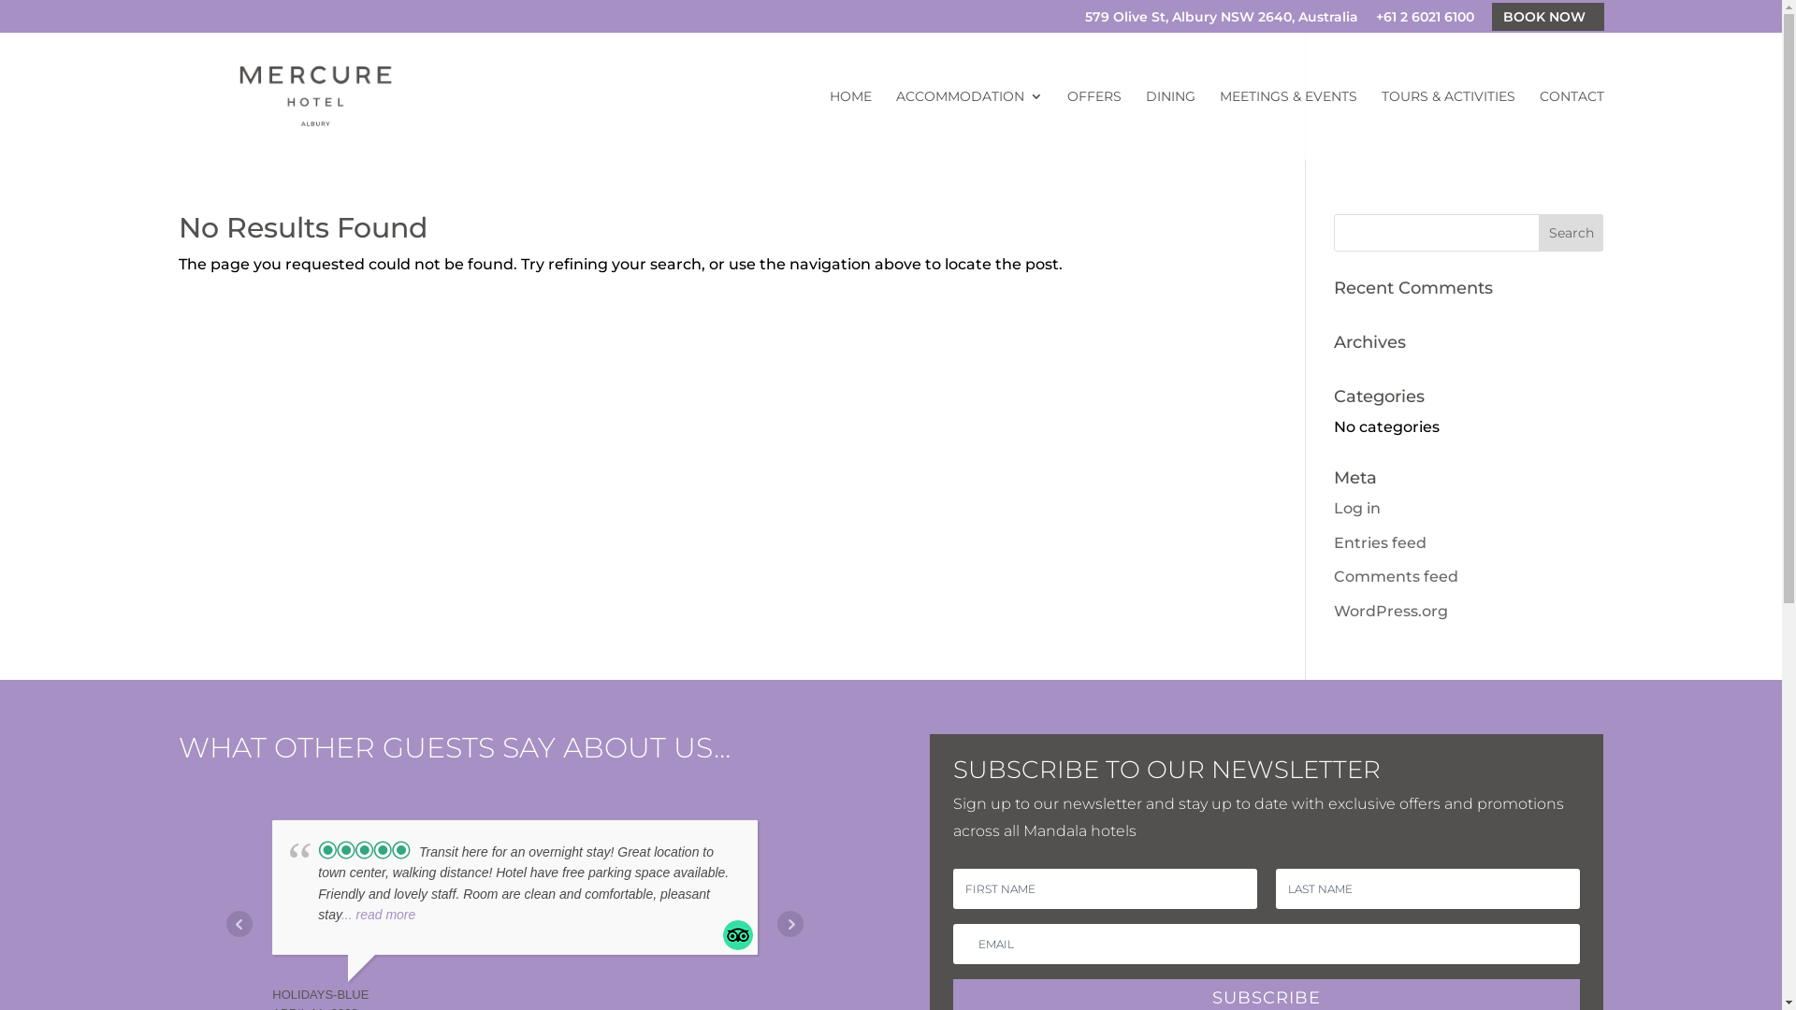 This screenshot has height=1010, width=1796. I want to click on 'ACCOMMODATION', so click(969, 124).